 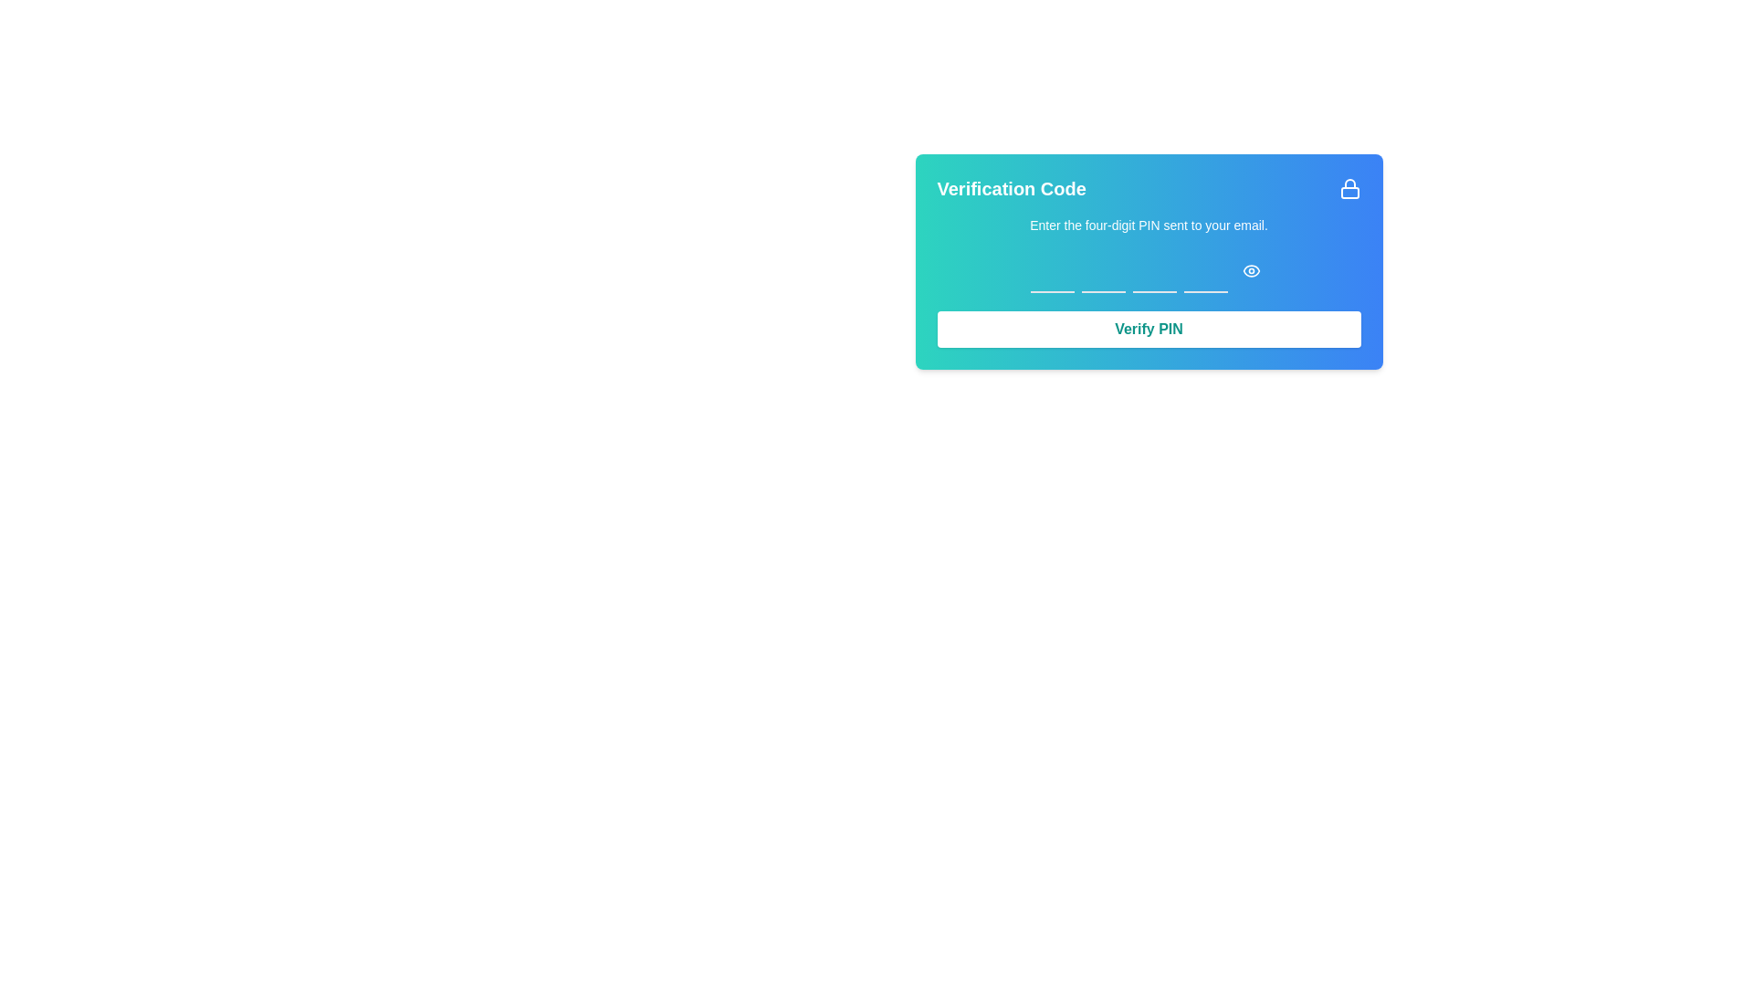 I want to click on the static text label that provides instructions for entering a four-digit PIN, located directly below the title 'Verification Code' and above the input fields for the PIN, so click(x=1148, y=224).